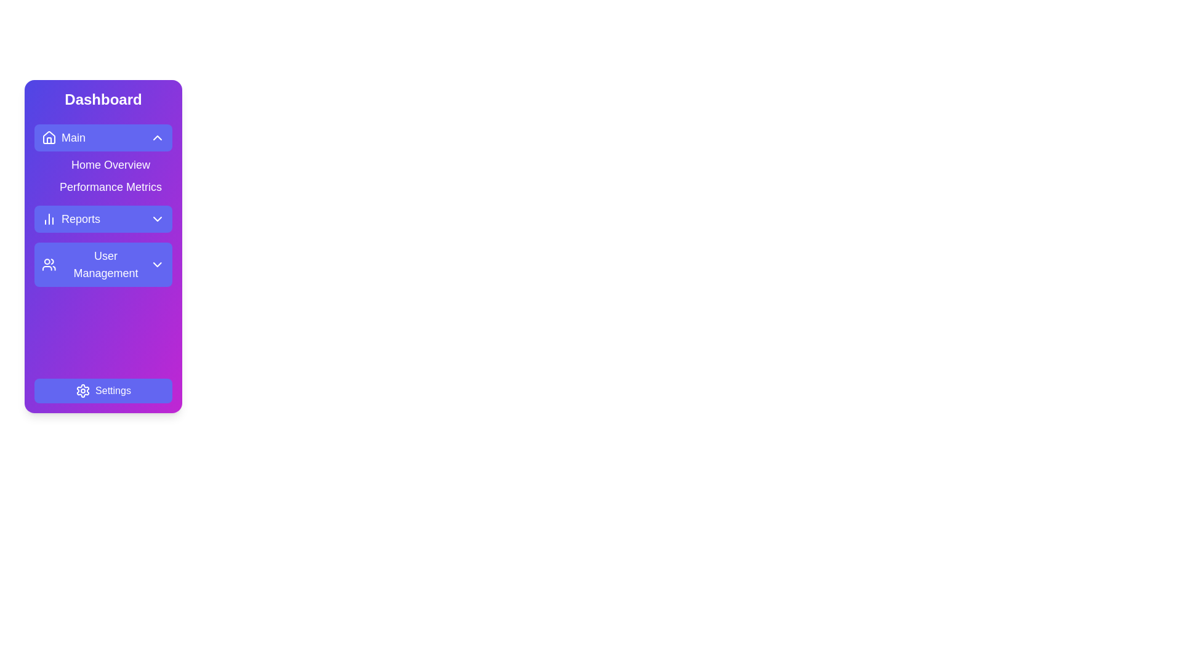 The height and width of the screenshot is (665, 1182). I want to click on the 'Reports' button located, so click(103, 218).